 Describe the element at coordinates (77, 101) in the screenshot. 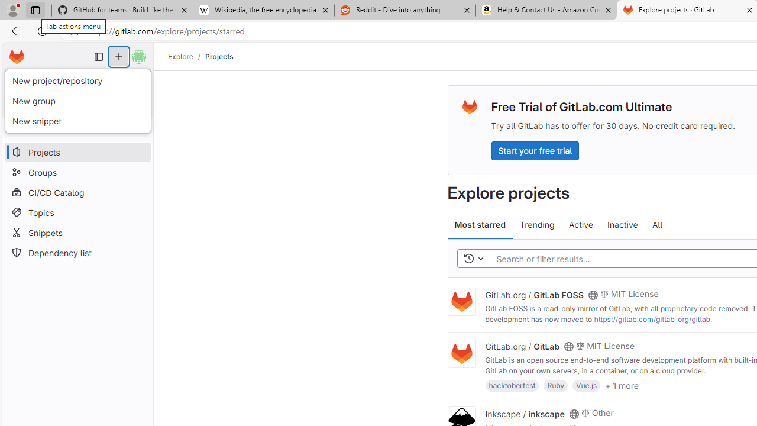

I see `'New group'` at that location.